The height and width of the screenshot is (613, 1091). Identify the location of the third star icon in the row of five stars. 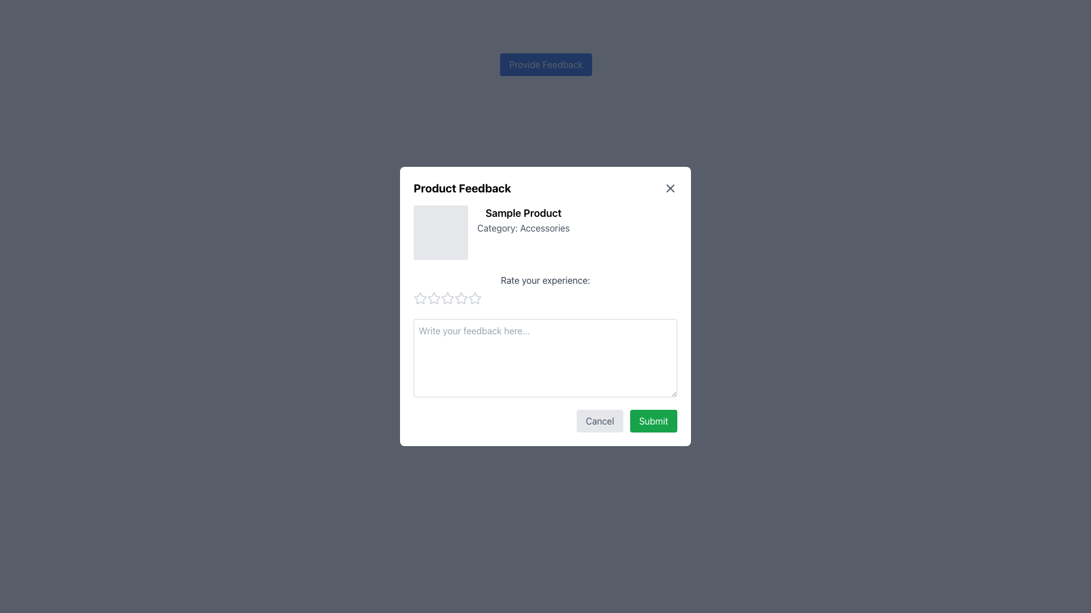
(433, 297).